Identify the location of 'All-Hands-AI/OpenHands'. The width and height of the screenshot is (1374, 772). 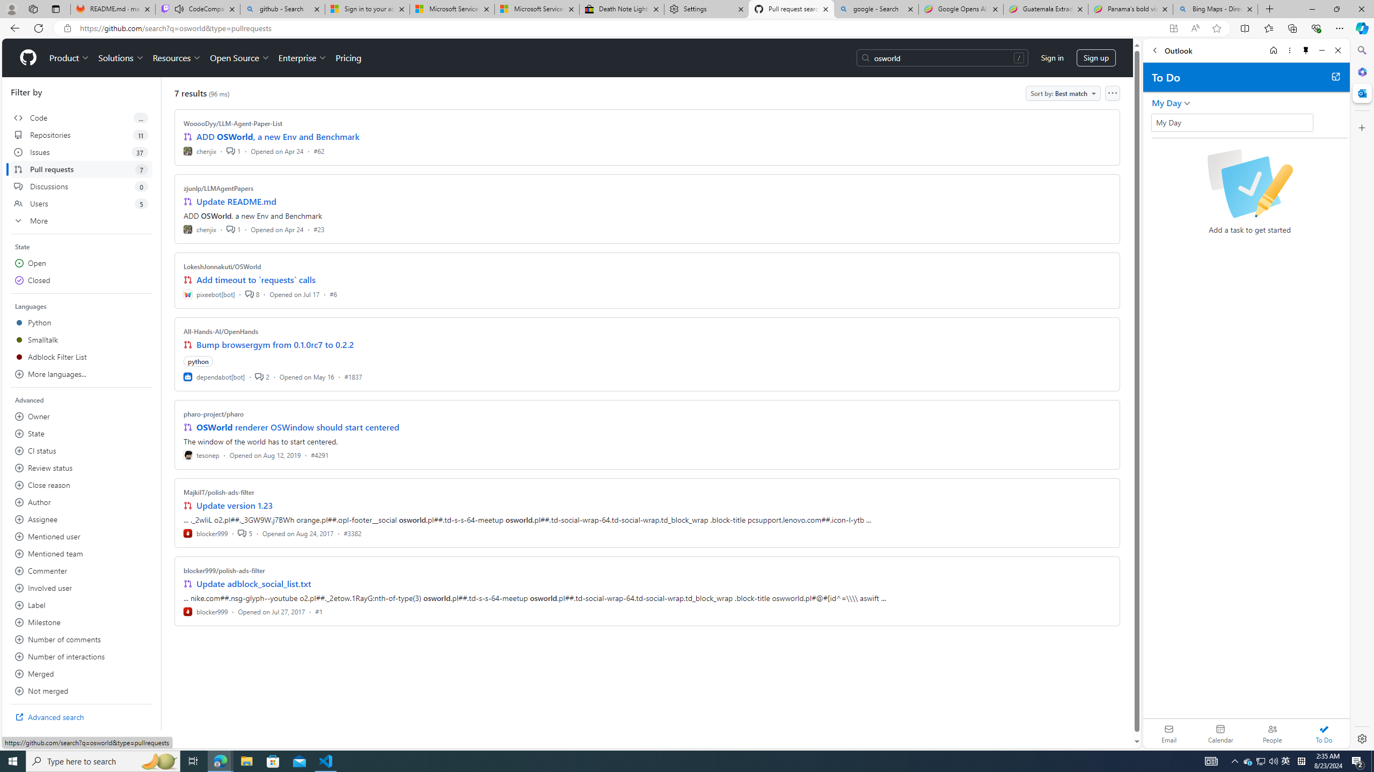
(221, 330).